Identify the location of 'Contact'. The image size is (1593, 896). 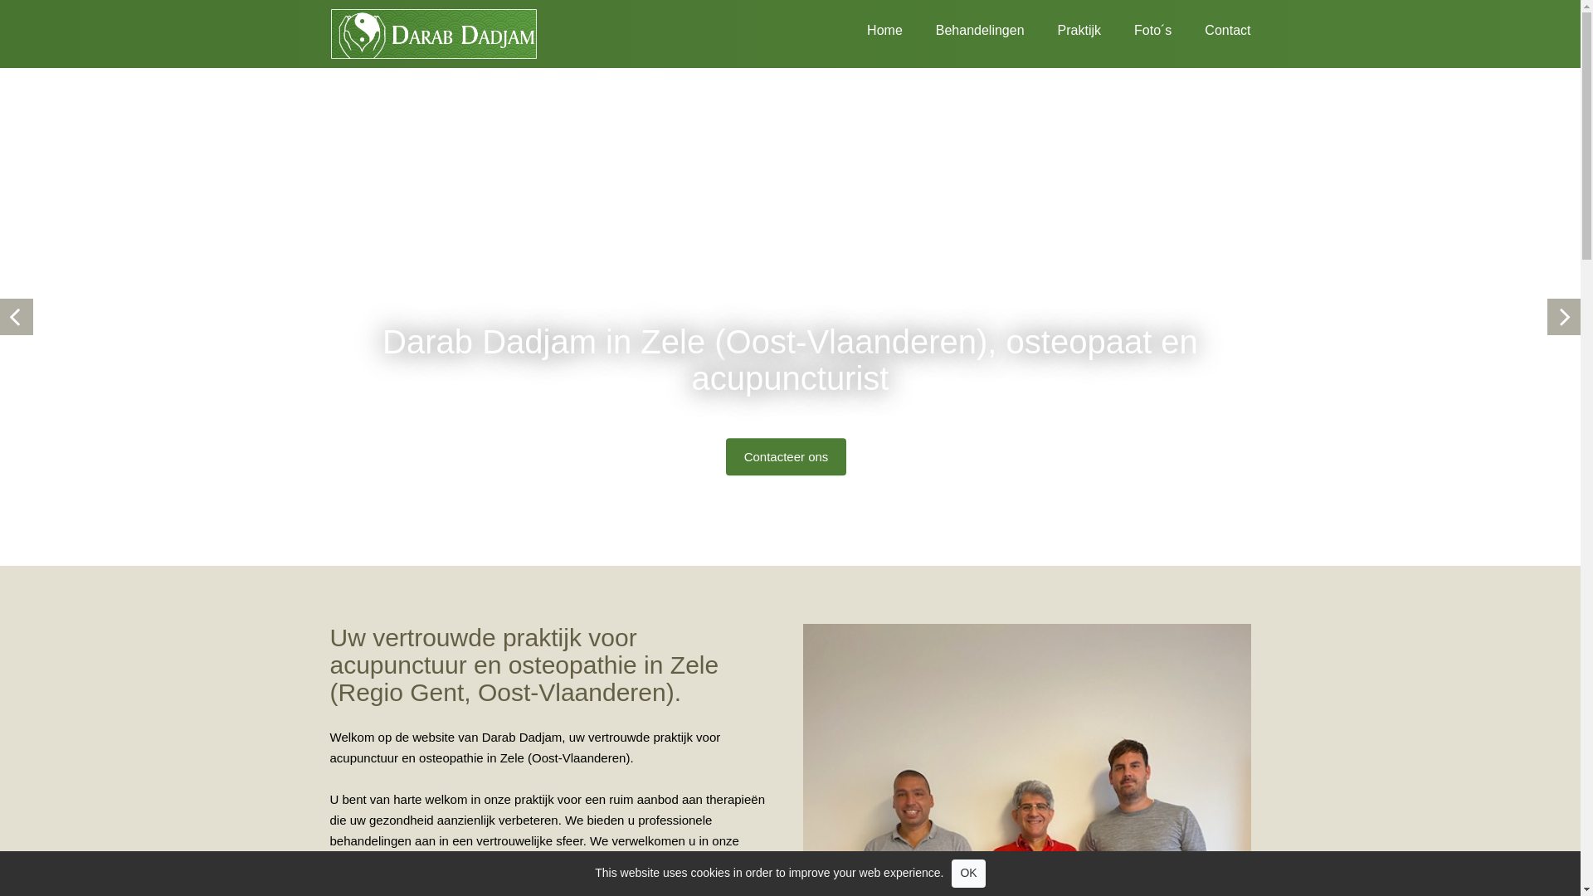
(1170, 27).